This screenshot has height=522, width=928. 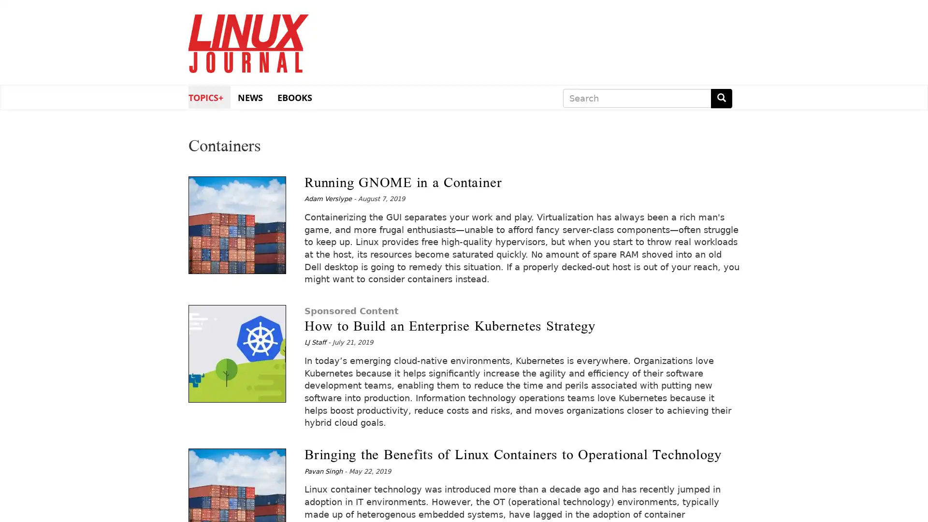 What do you see at coordinates (721, 98) in the screenshot?
I see `Search` at bounding box center [721, 98].